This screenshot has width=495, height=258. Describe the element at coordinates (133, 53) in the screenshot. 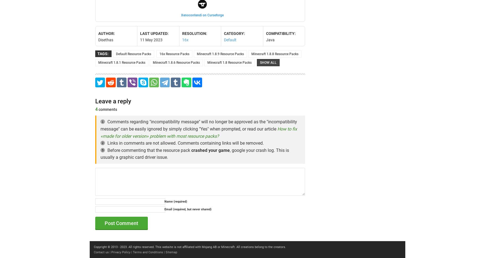

I see `'Default Resource Packs'` at that location.